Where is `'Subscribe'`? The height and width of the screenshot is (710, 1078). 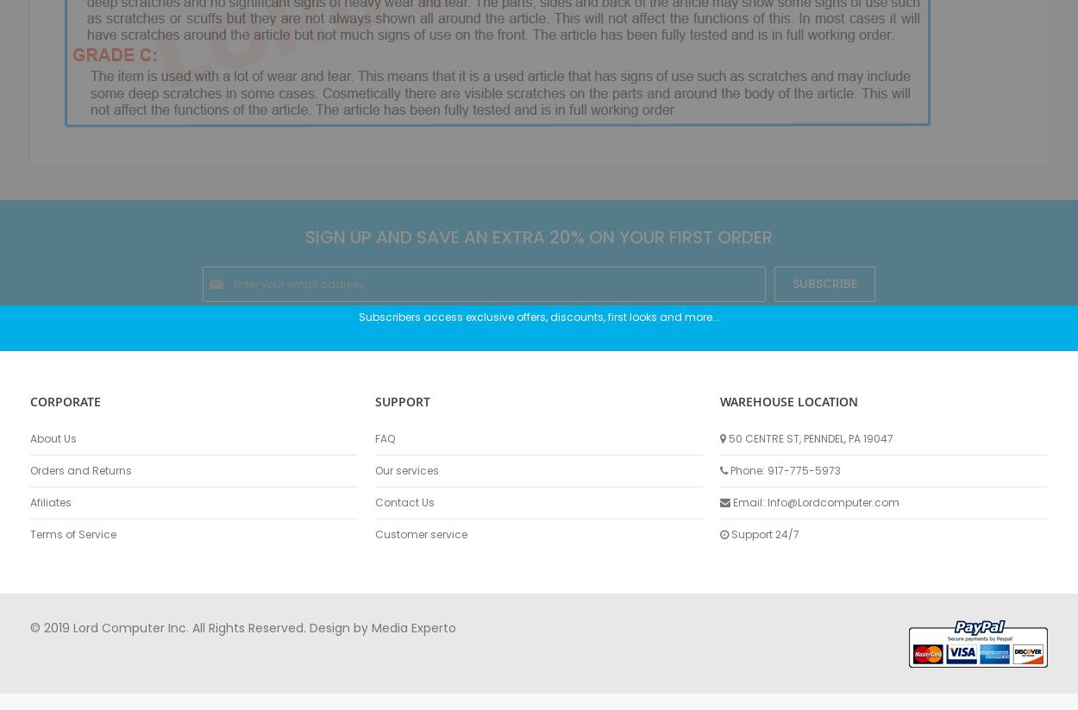 'Subscribe' is located at coordinates (824, 283).